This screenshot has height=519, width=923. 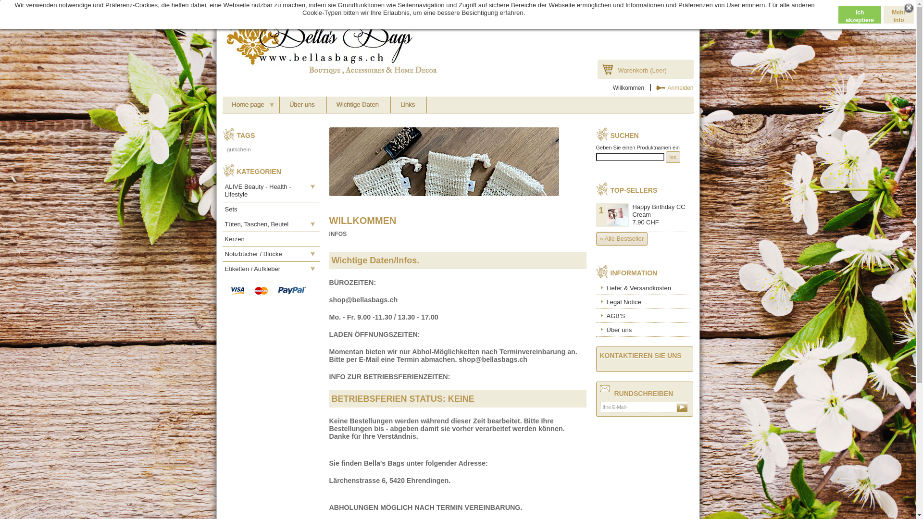 What do you see at coordinates (673, 157) in the screenshot?
I see `'los'` at bounding box center [673, 157].